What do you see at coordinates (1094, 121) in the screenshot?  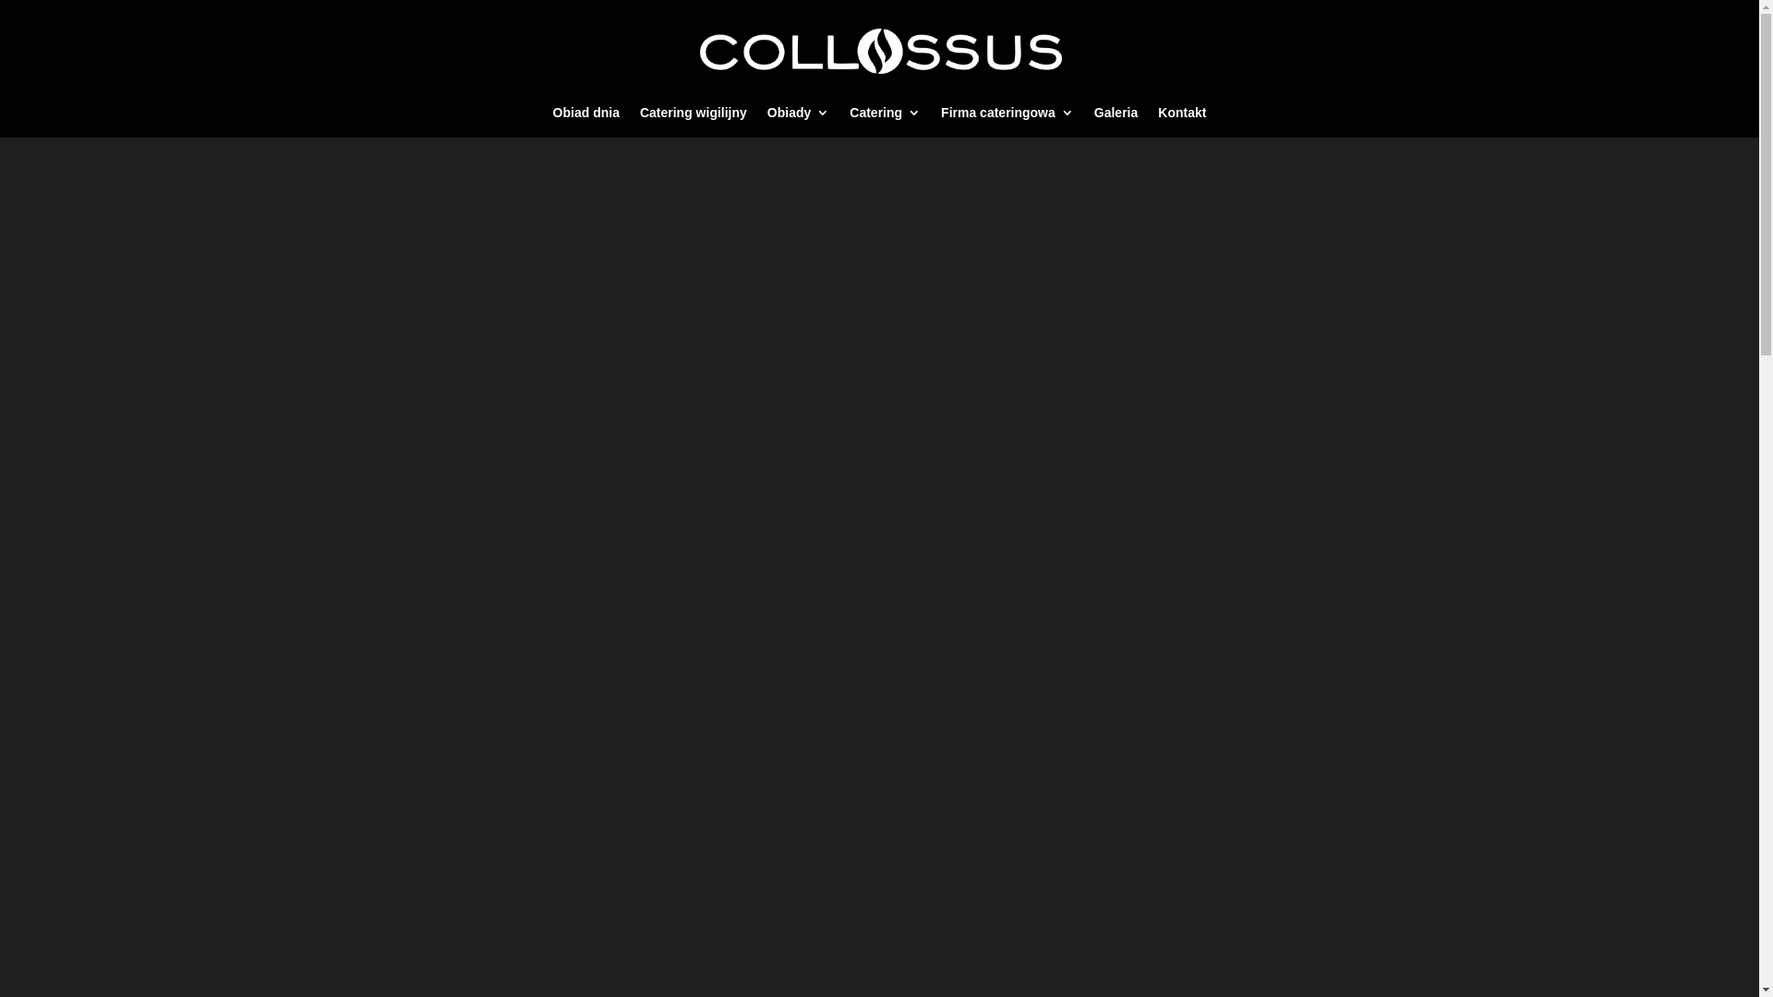 I see `'Galeria'` at bounding box center [1094, 121].